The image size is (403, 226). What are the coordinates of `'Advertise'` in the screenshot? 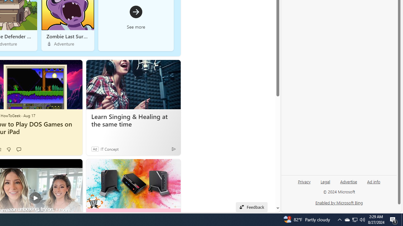 It's located at (348, 181).